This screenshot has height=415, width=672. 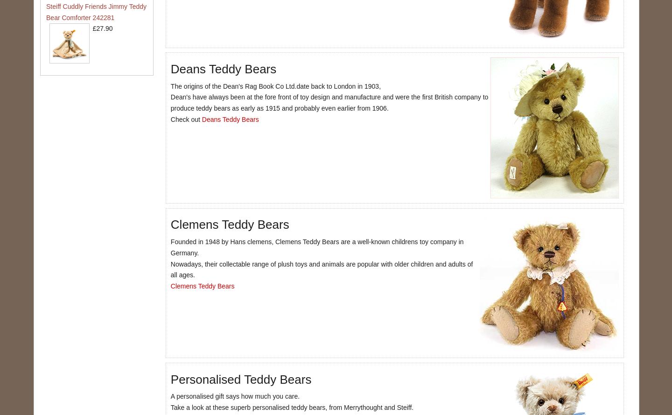 I want to click on 'Check out', so click(x=185, y=120).